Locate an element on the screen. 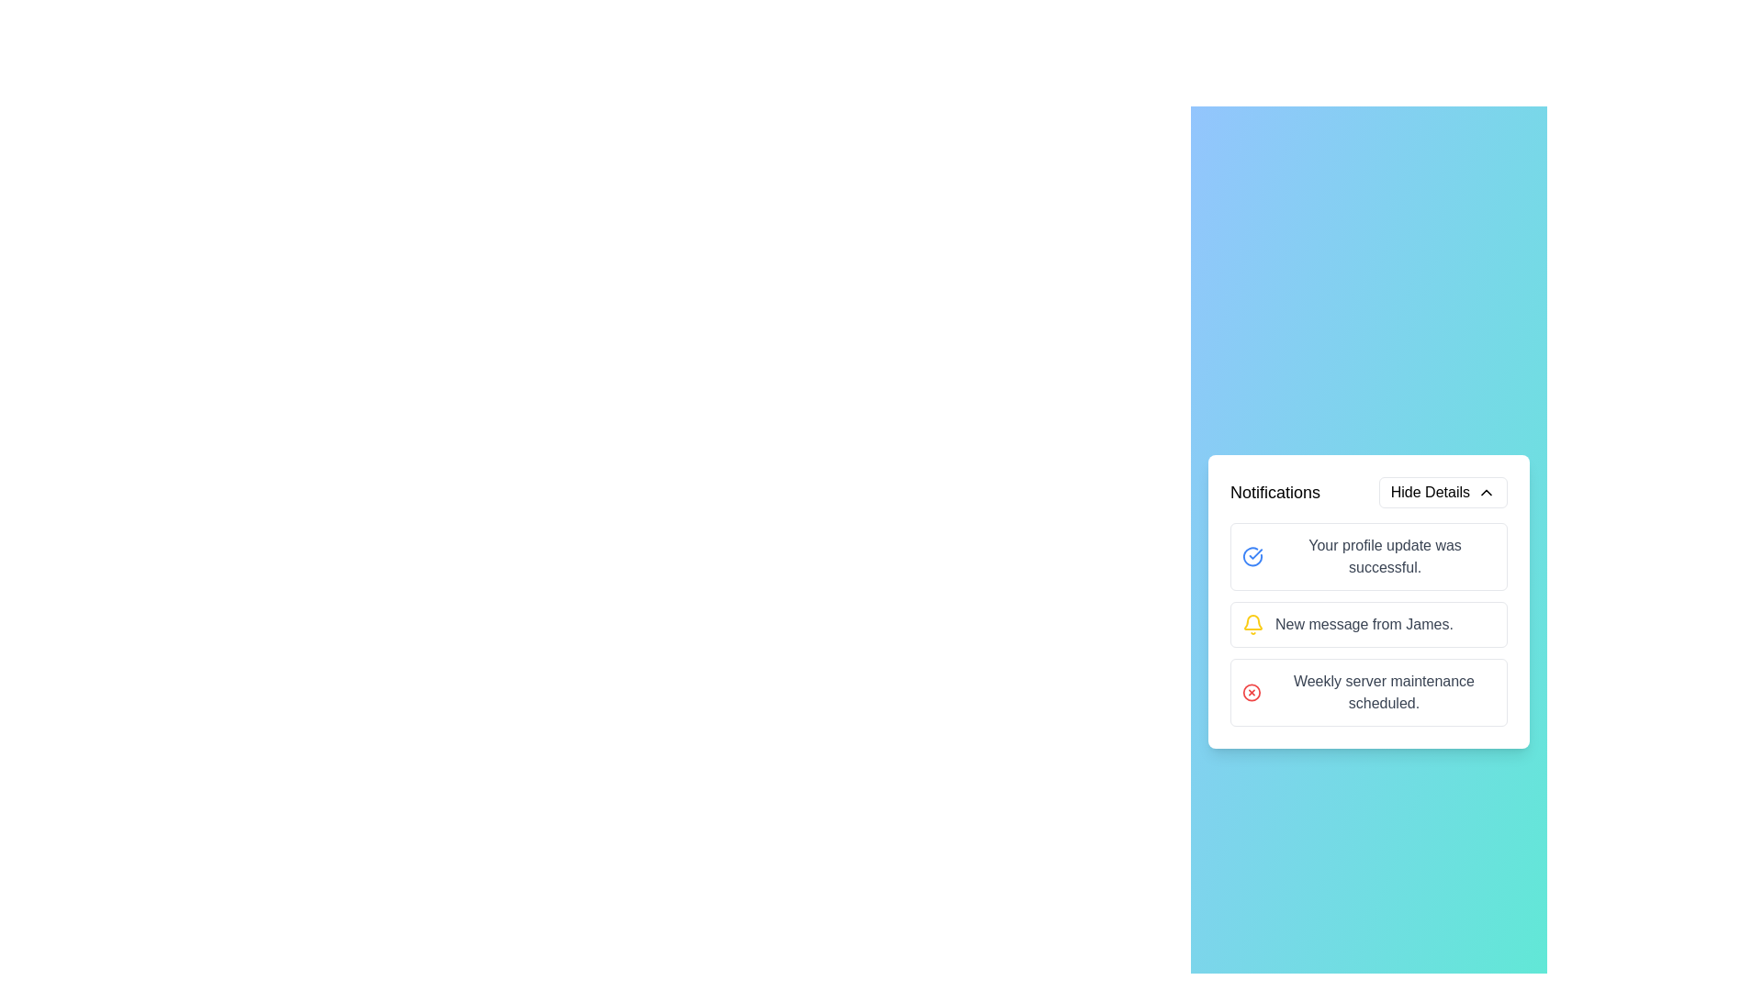  the static text that provides server maintenance information, which is located to the right of the red circular icon with a cross symbol, in the third notification item is located at coordinates (1384, 693).